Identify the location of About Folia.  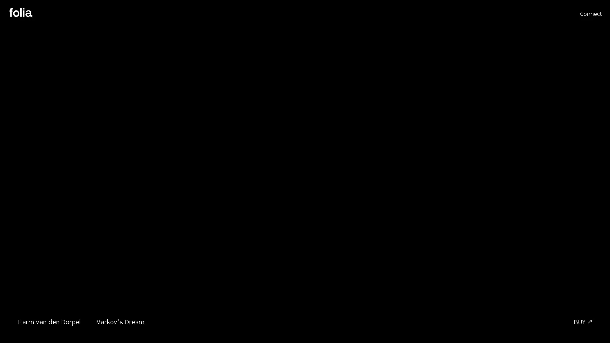
(21, 12).